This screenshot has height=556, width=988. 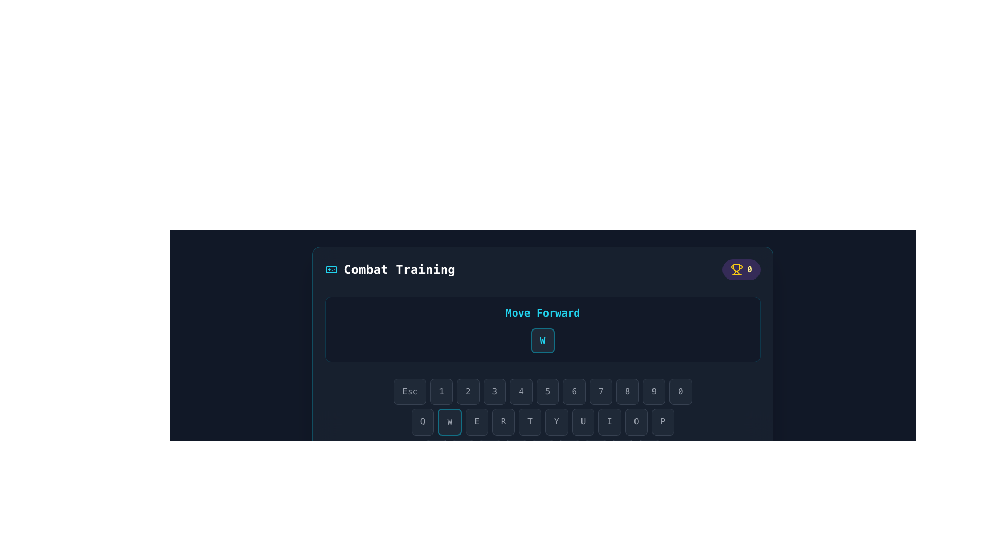 What do you see at coordinates (601, 391) in the screenshot?
I see `the button displaying the character '7' with a dark gray background to observe hover effects` at bounding box center [601, 391].